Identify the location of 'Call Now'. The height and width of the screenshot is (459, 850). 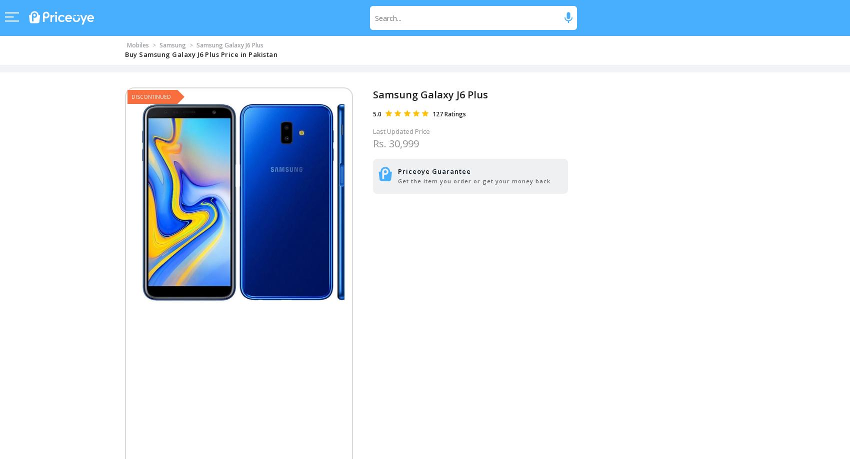
(656, 96).